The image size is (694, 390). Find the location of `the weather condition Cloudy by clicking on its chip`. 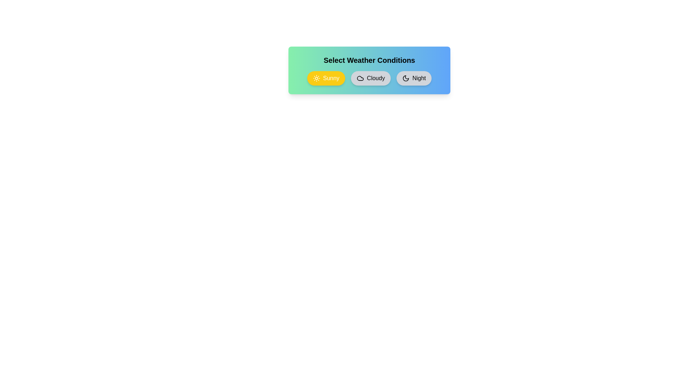

the weather condition Cloudy by clicking on its chip is located at coordinates (371, 78).